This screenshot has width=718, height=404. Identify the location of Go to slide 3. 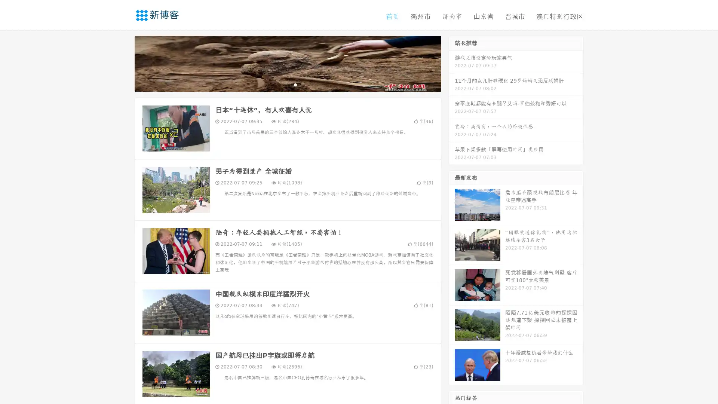
(295, 84).